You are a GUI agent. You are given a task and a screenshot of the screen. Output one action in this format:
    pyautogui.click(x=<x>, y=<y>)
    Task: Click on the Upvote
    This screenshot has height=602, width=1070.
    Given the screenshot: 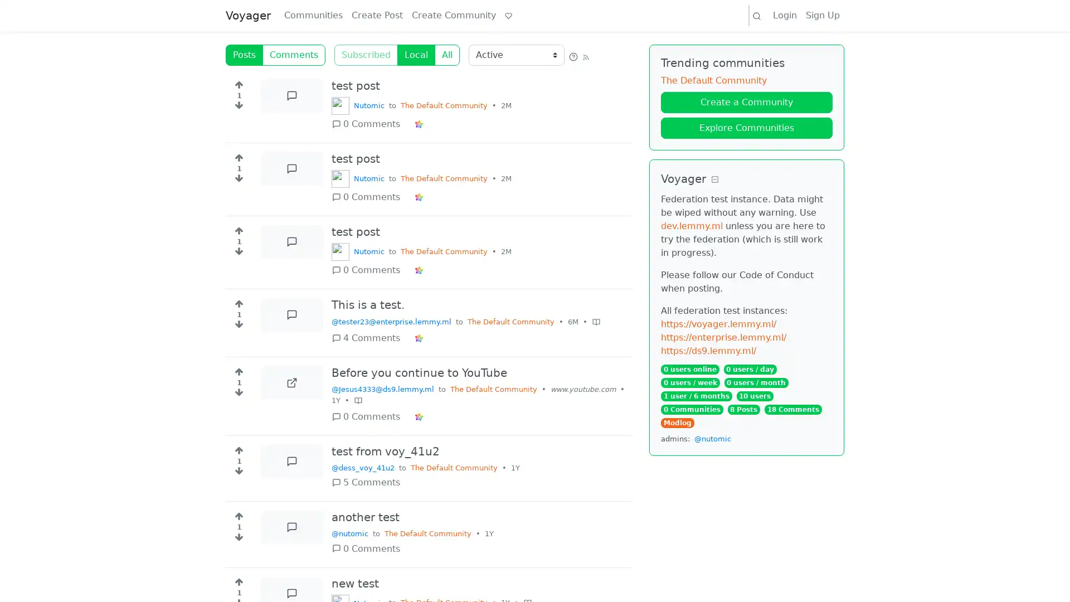 What is the action you would take?
    pyautogui.click(x=238, y=81)
    